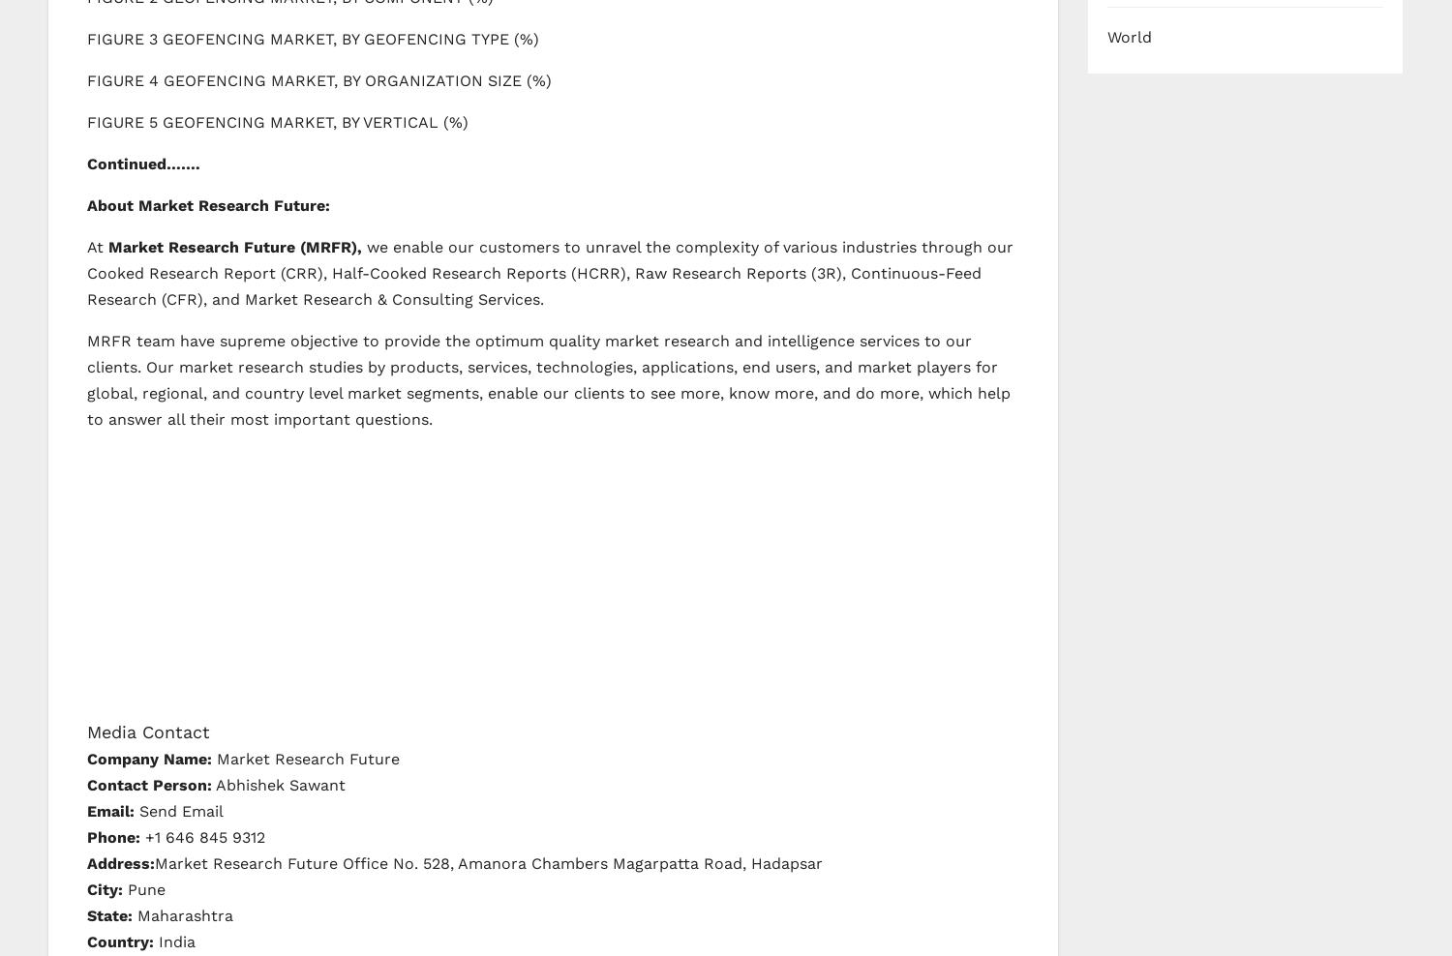 The height and width of the screenshot is (956, 1452). I want to click on 'About Market Research Future:', so click(207, 204).